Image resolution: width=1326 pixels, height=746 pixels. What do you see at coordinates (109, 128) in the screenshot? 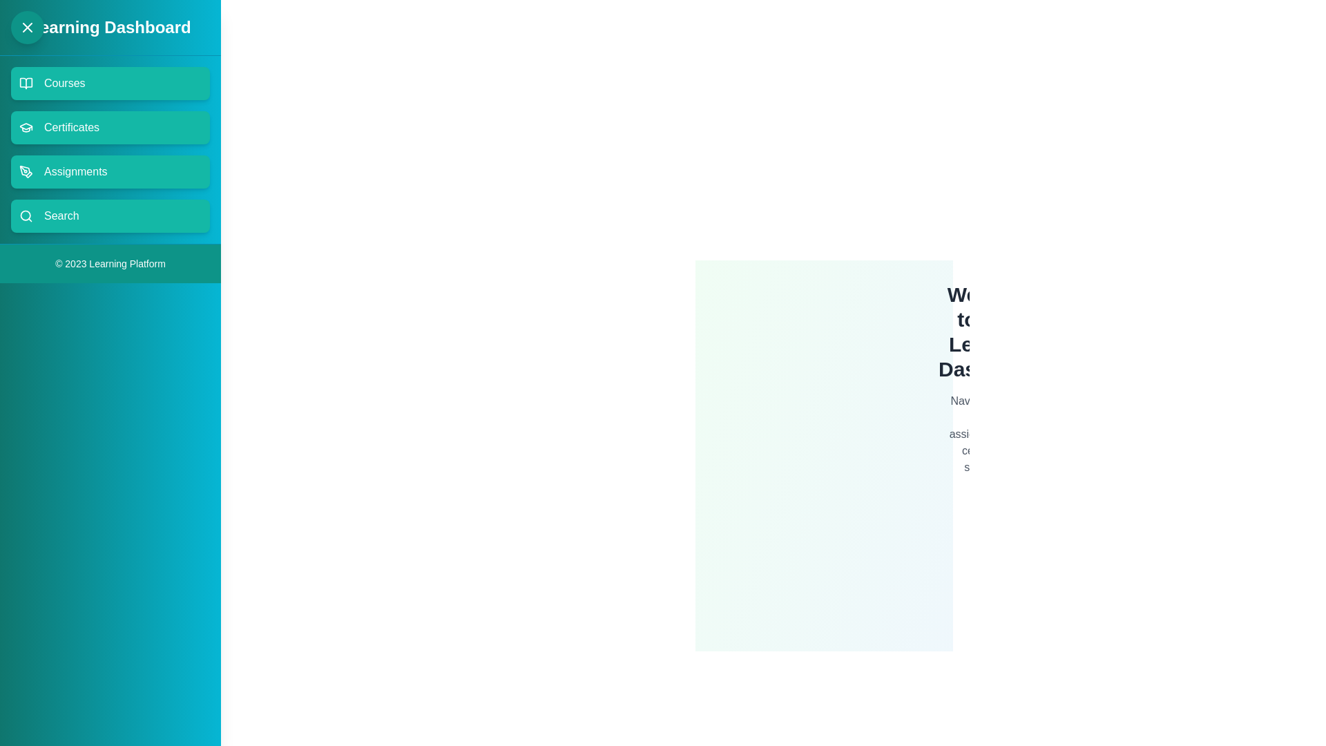
I see `the 'Certificates' navigation button located below the 'Courses' button and above the 'Assignments' button in the left side navigation menu` at bounding box center [109, 128].